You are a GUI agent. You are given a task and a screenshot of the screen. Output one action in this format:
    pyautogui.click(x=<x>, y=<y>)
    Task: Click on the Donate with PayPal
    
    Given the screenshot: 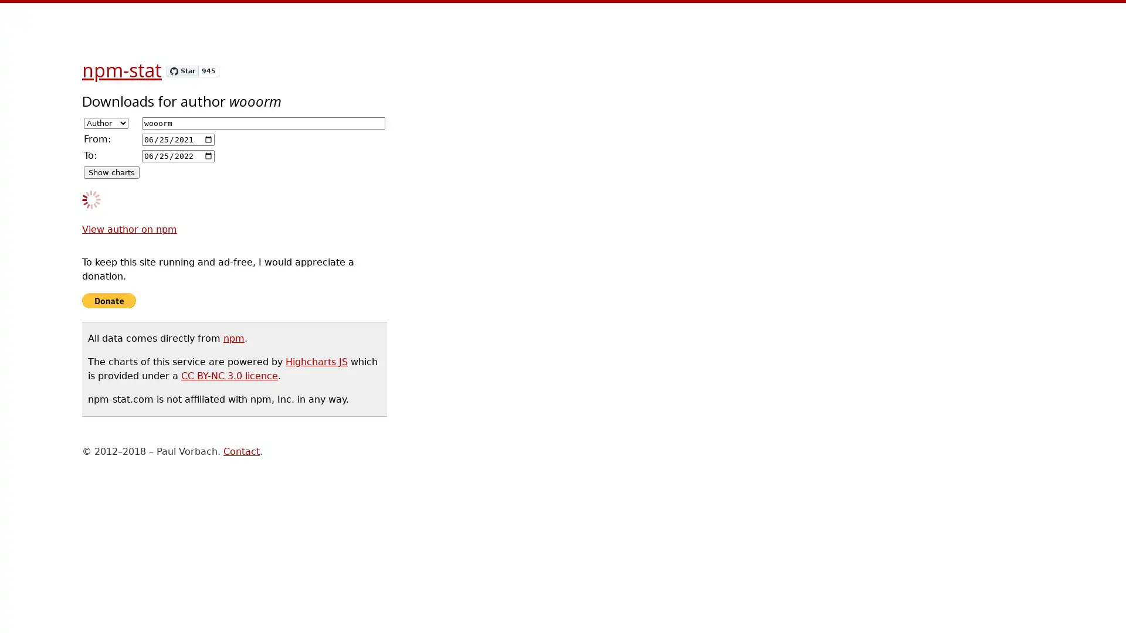 What is the action you would take?
    pyautogui.click(x=109, y=300)
    